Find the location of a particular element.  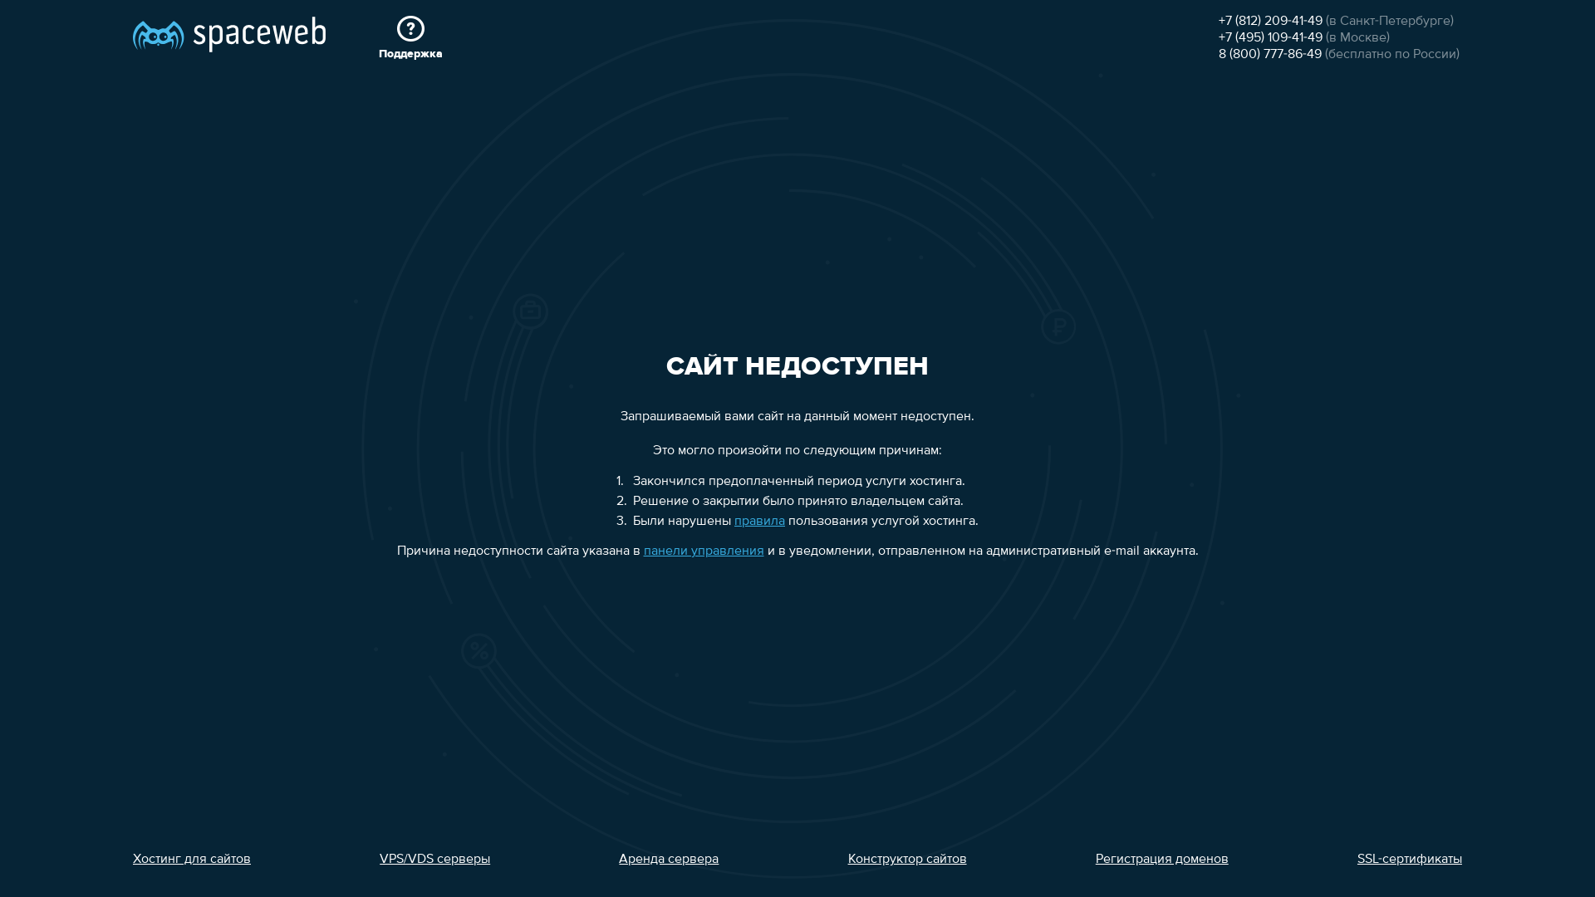

'8 (800) 777-86-49' is located at coordinates (1269, 53).